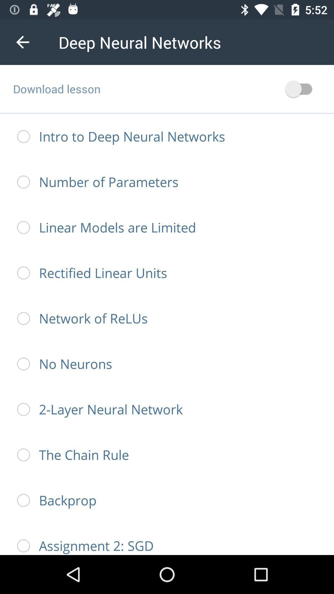  What do you see at coordinates (301, 88) in the screenshot?
I see `option` at bounding box center [301, 88].